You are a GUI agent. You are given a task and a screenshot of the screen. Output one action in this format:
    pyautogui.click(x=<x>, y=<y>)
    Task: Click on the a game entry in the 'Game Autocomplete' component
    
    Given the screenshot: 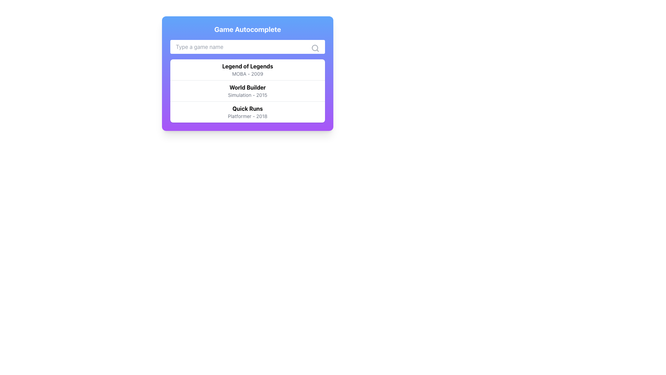 What is the action you would take?
    pyautogui.click(x=248, y=74)
    